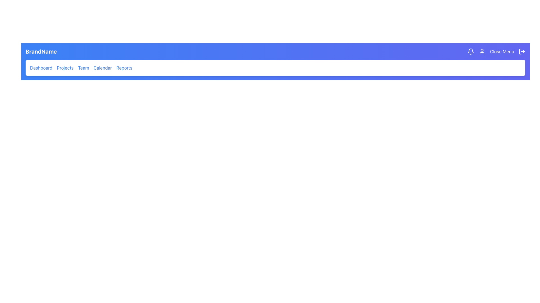  I want to click on the blue-colored text labeled 'Projects' in the navigation menu, so click(65, 68).